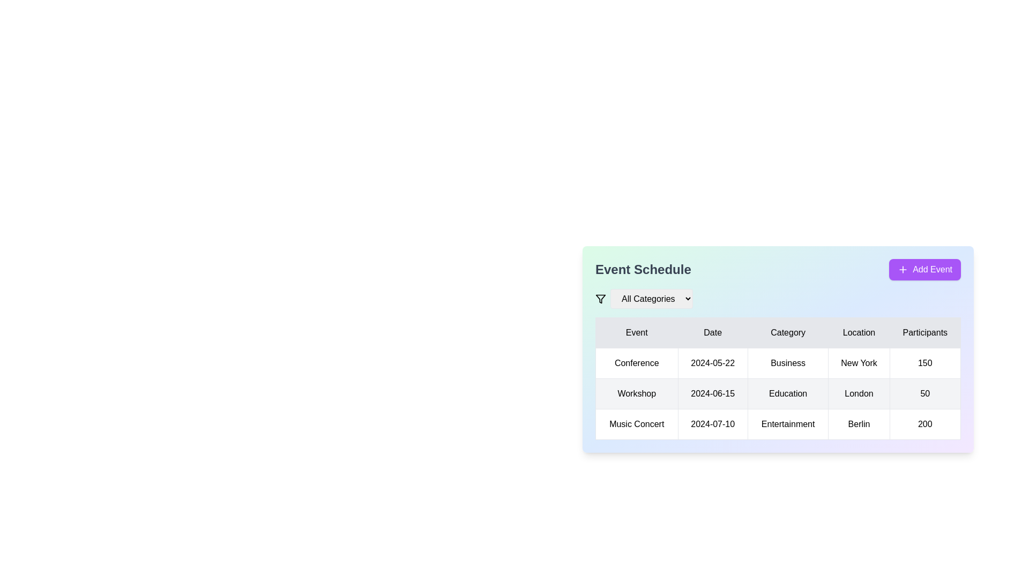  Describe the element at coordinates (601, 299) in the screenshot. I see `the funnel icon located in the top-left corner of the 'Event Schedule' section, which is positioned immediately to the left of the 'All Categories' dropdown` at that location.